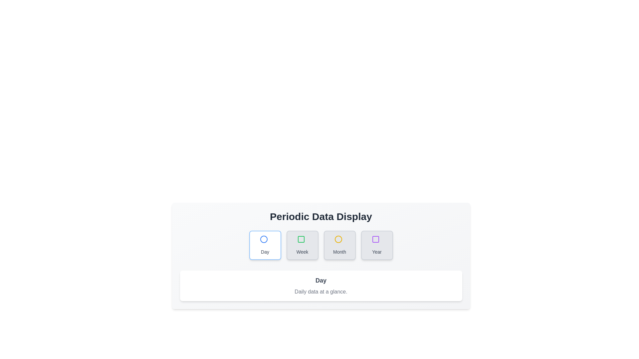 The width and height of the screenshot is (639, 359). Describe the element at coordinates (377, 252) in the screenshot. I see `the 'Year' text label located in the fourth card from the left, which indicates the purpose of the associated card for filtering by year` at that location.